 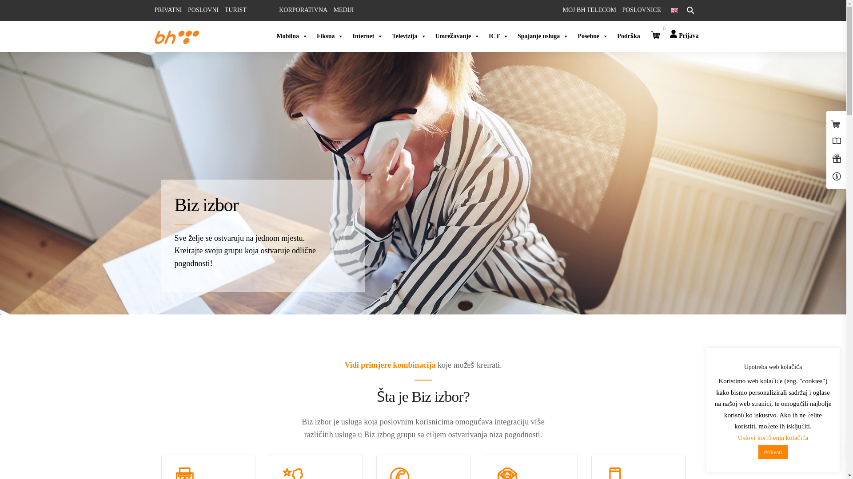 What do you see at coordinates (589, 10) in the screenshot?
I see `'MOJ BH TELECOM'` at bounding box center [589, 10].